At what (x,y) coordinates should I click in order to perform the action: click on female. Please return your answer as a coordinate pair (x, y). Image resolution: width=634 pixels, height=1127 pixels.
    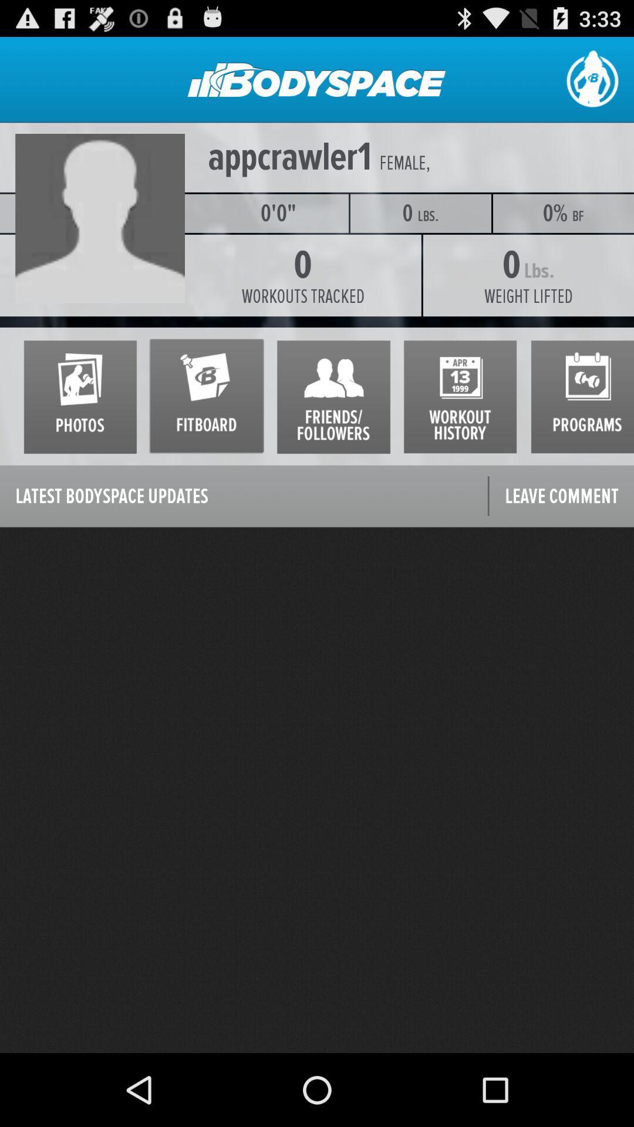
    Looking at the image, I should click on (402, 163).